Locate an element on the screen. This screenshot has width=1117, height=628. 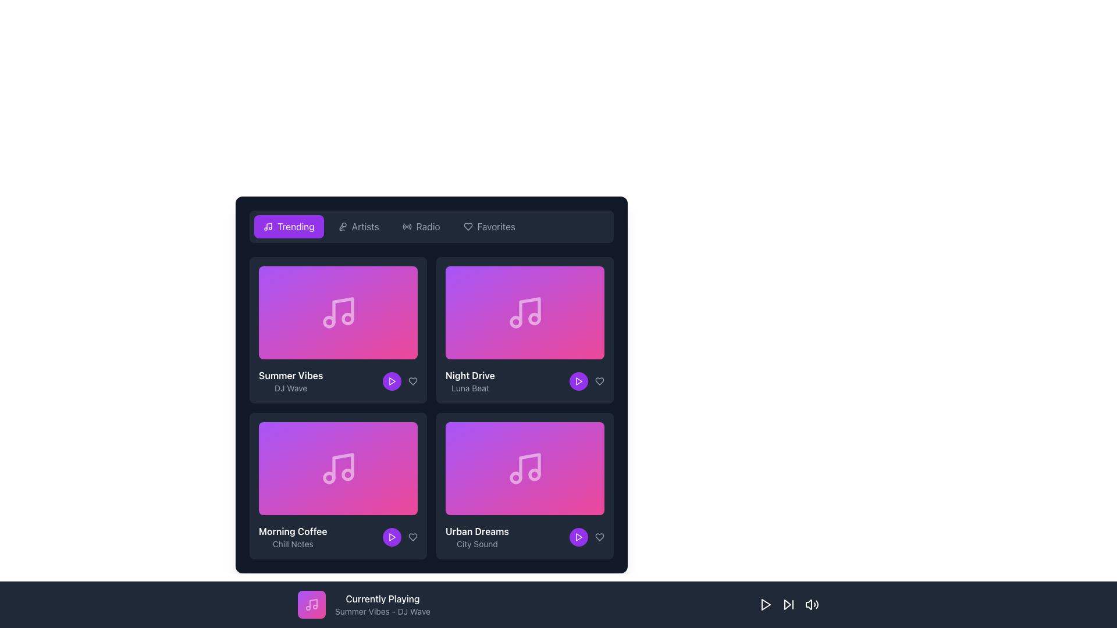
the play button located in the 'Night Drive' section, which is the second music card in the top row of the grid layout, to observe visual feedback is located at coordinates (586, 381).